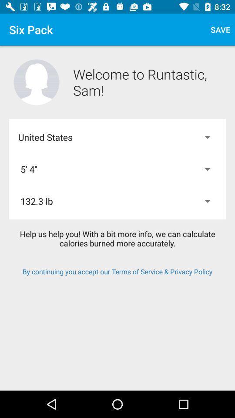 Image resolution: width=235 pixels, height=418 pixels. What do you see at coordinates (117, 201) in the screenshot?
I see `132.3 lb` at bounding box center [117, 201].